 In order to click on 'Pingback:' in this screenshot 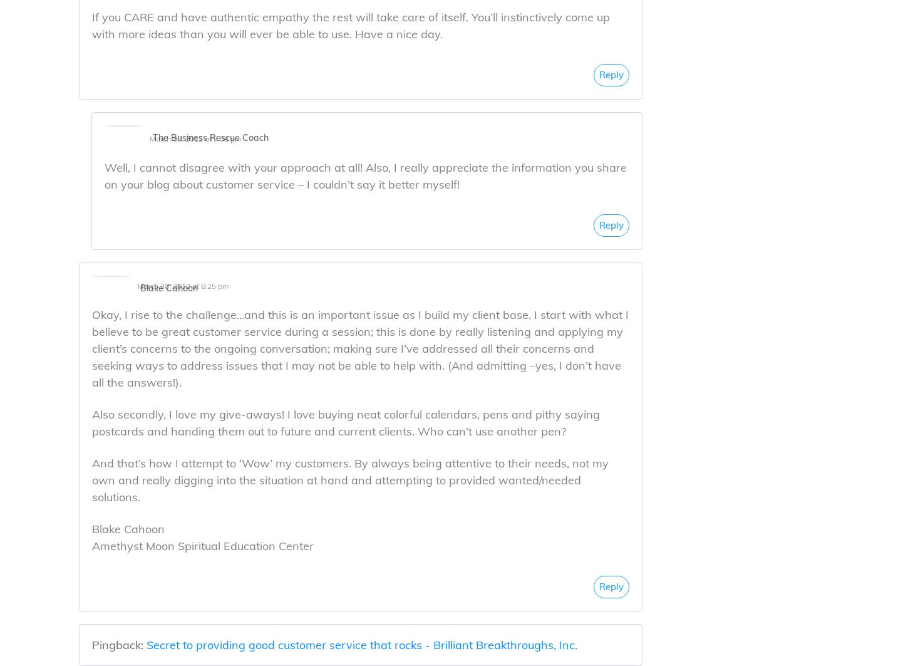, I will do `click(118, 643)`.